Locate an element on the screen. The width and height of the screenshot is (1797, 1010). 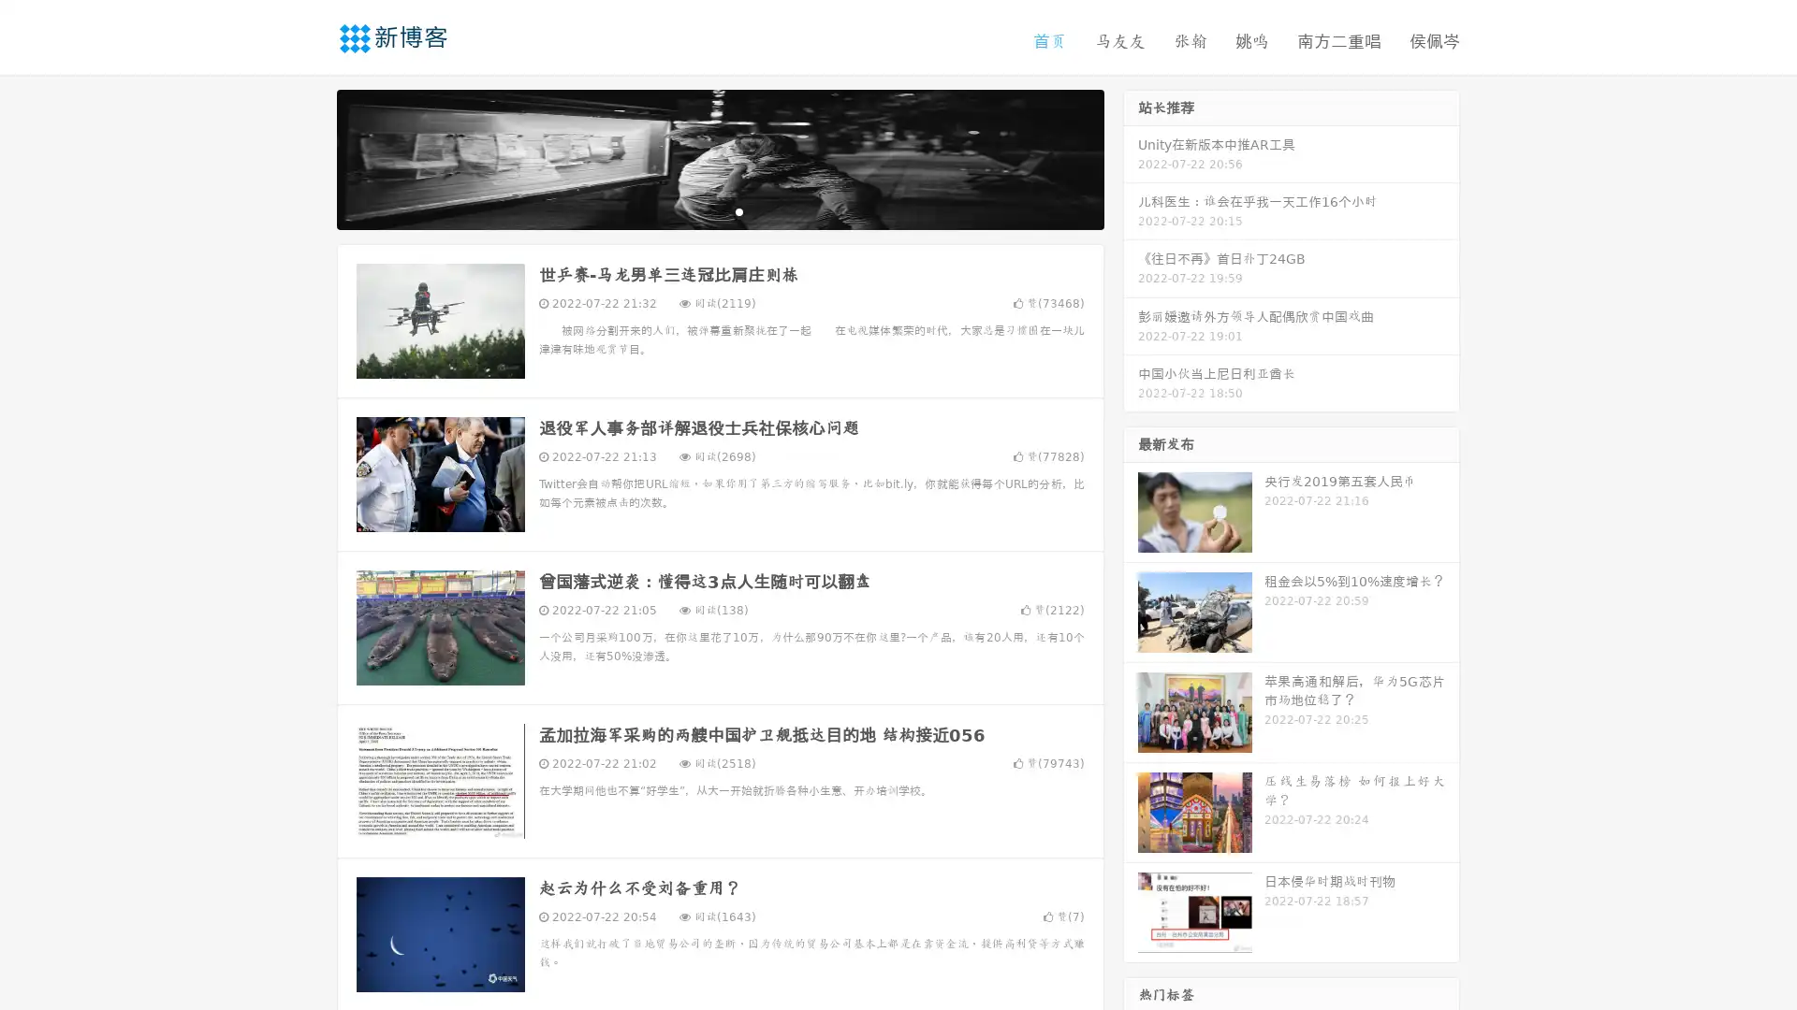
Go to slide 3 is located at coordinates (738, 210).